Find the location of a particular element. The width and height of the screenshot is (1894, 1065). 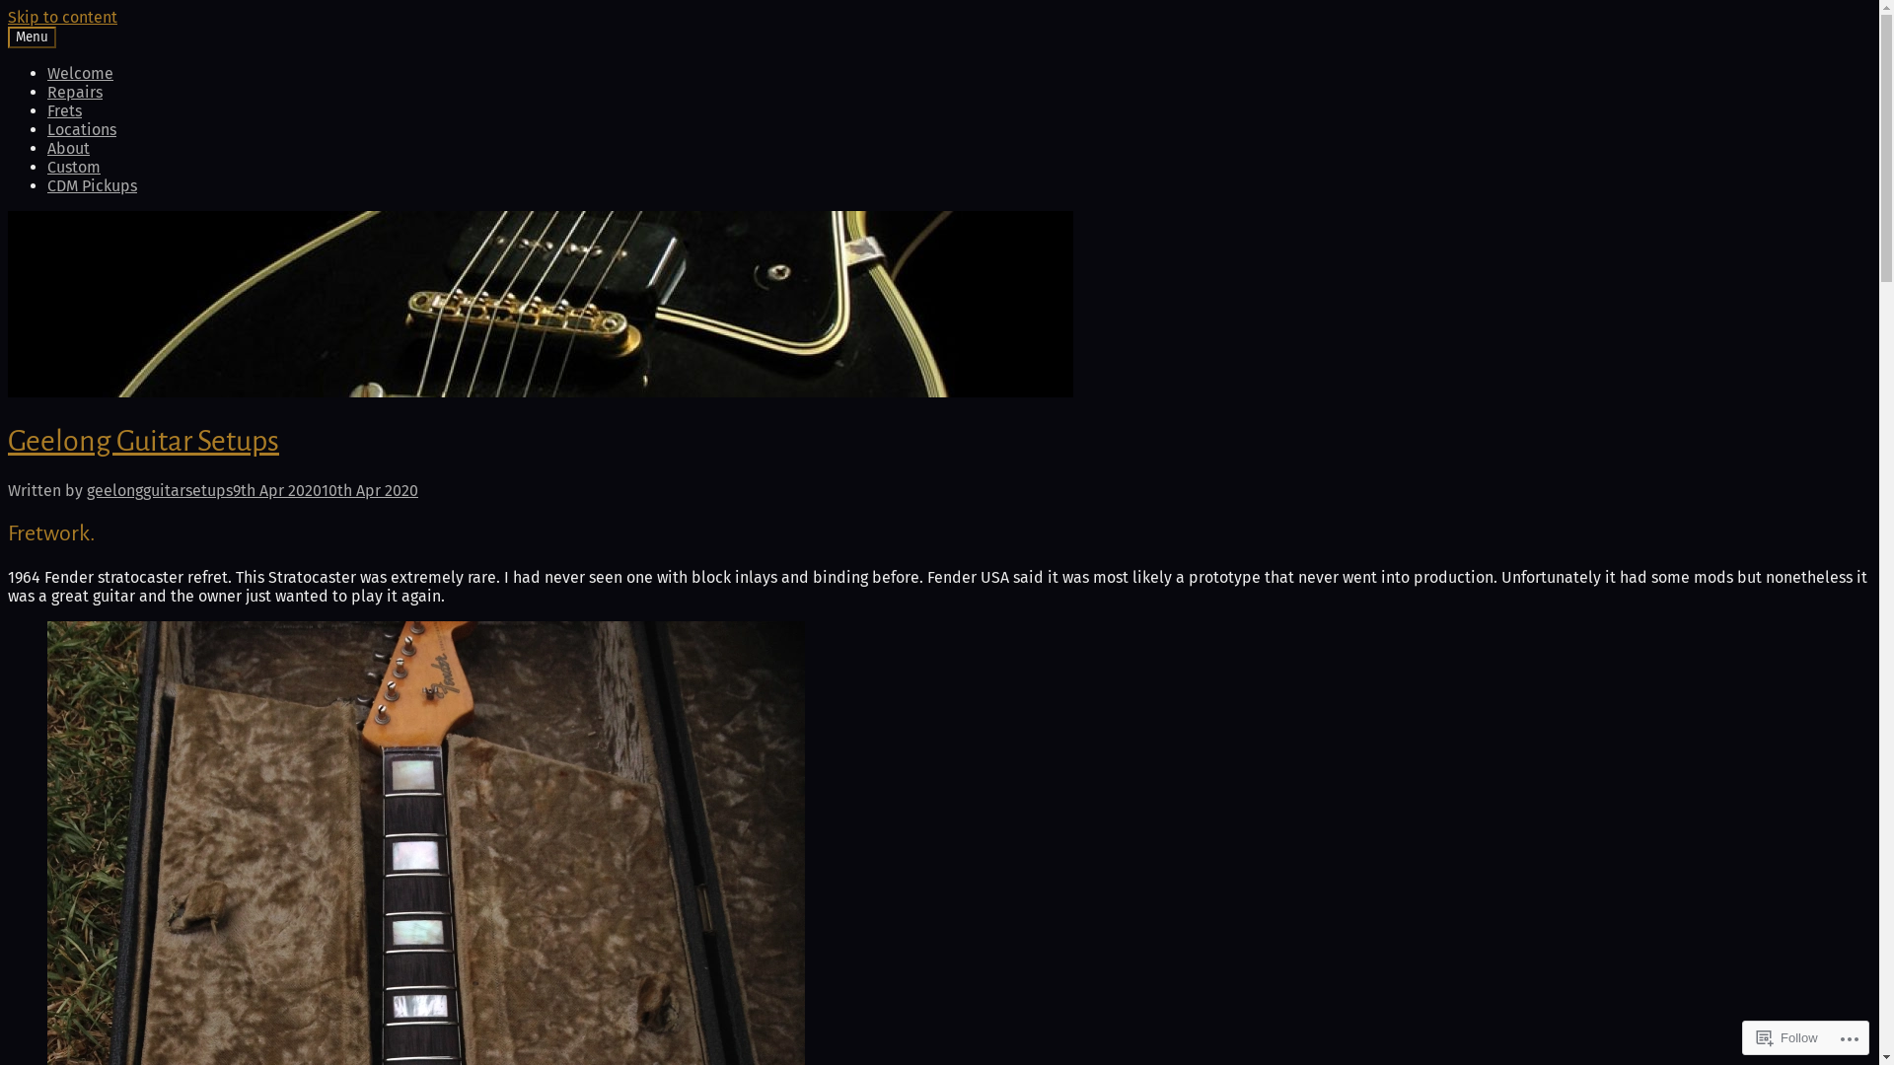

'geelongguitarsetups' is located at coordinates (160, 489).